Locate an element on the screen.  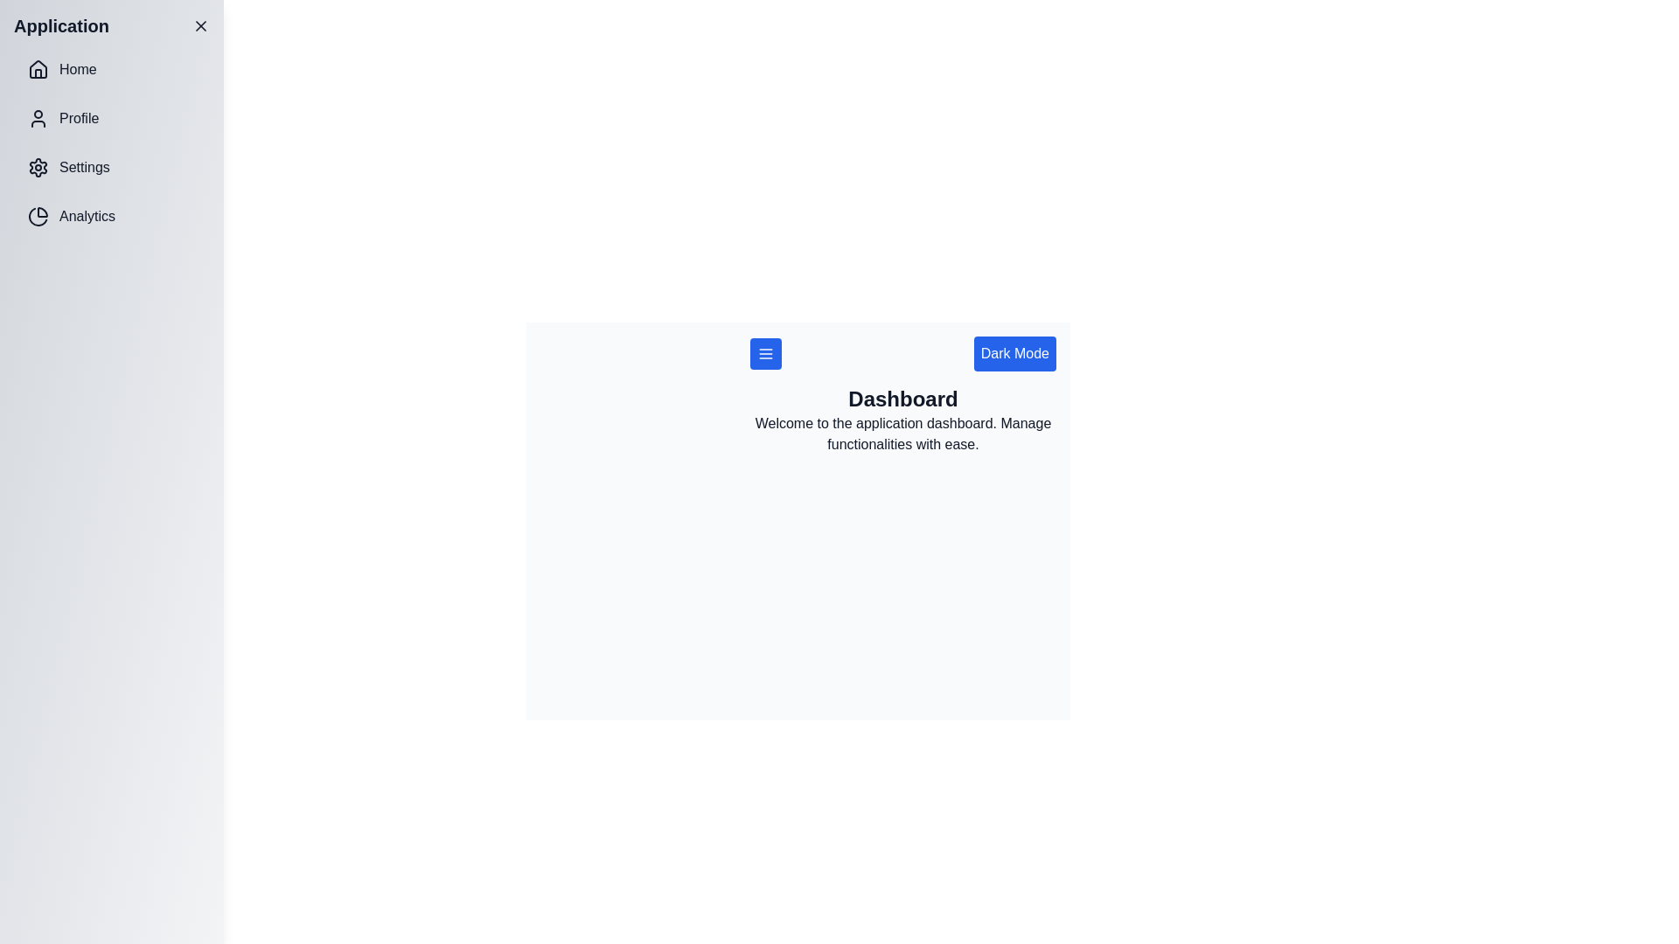
the introductory text label located below the bold 'Dashboard' header, which provides a welcoming message for the application dashboard is located at coordinates (902, 434).